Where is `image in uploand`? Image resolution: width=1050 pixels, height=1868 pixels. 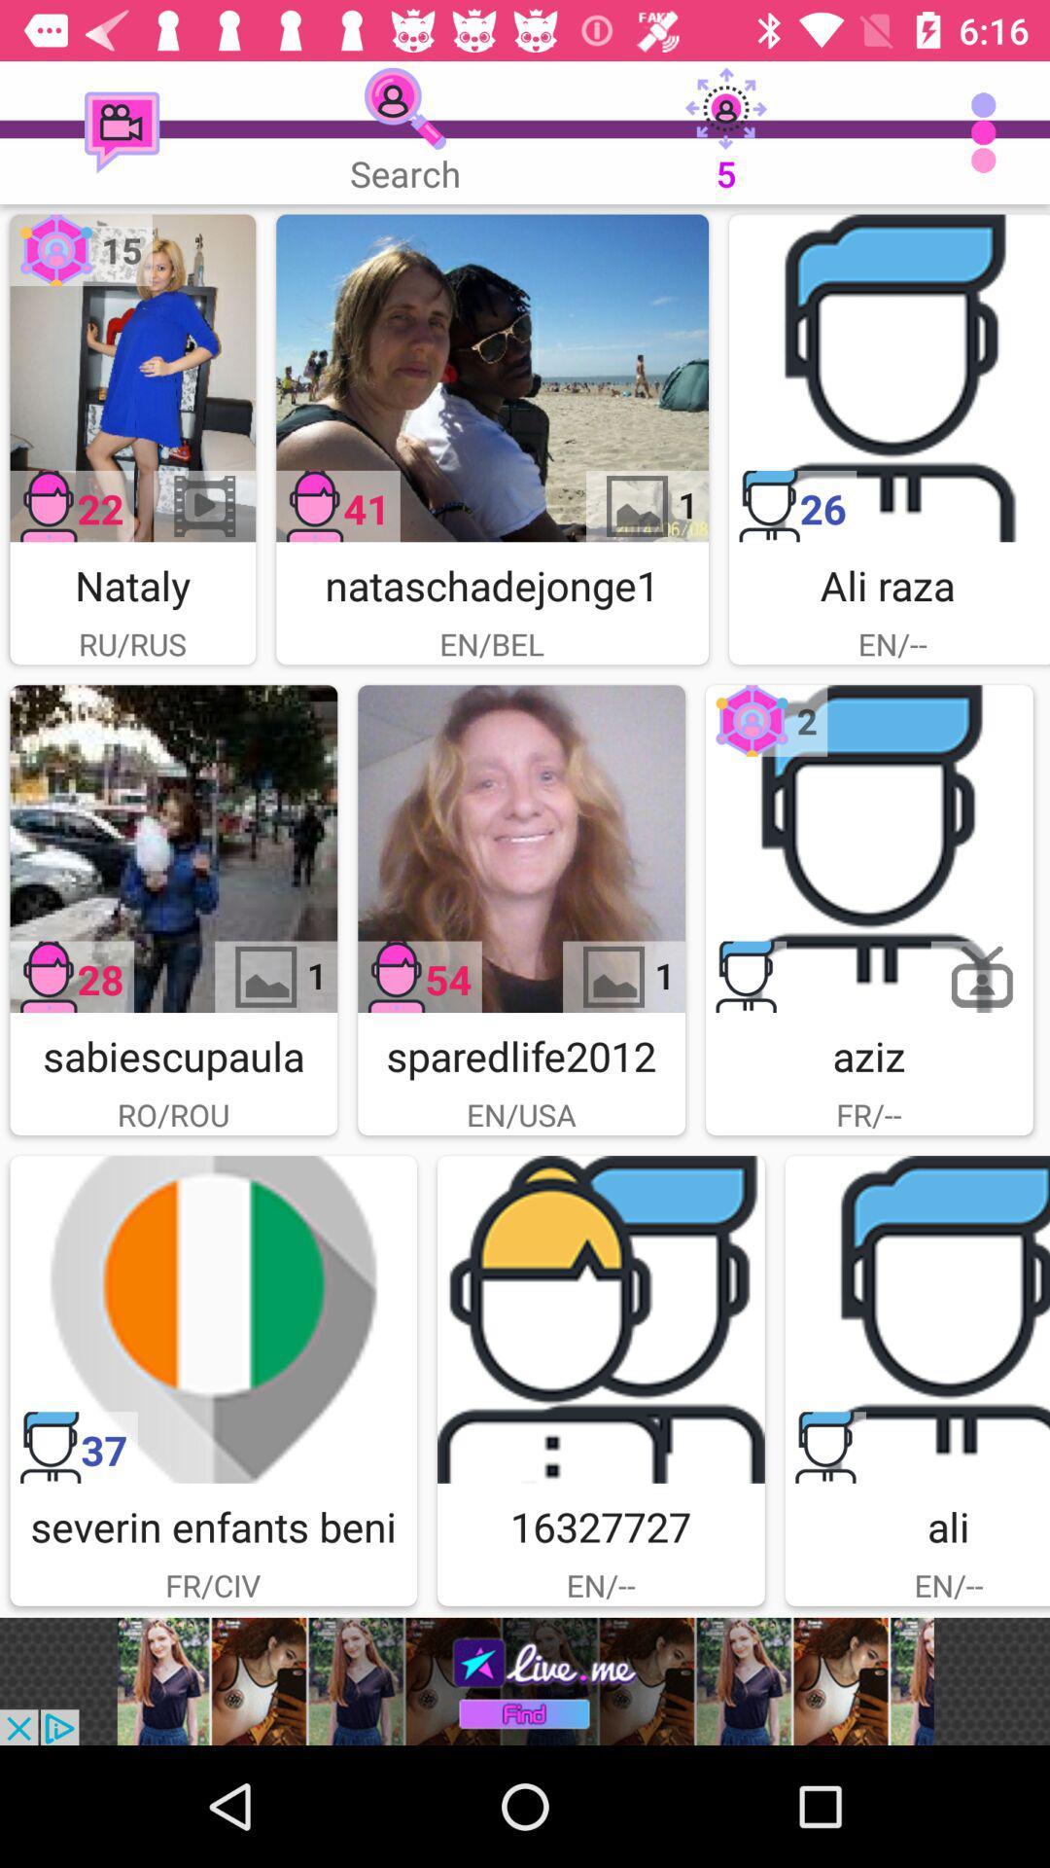
image in uploand is located at coordinates (868, 848).